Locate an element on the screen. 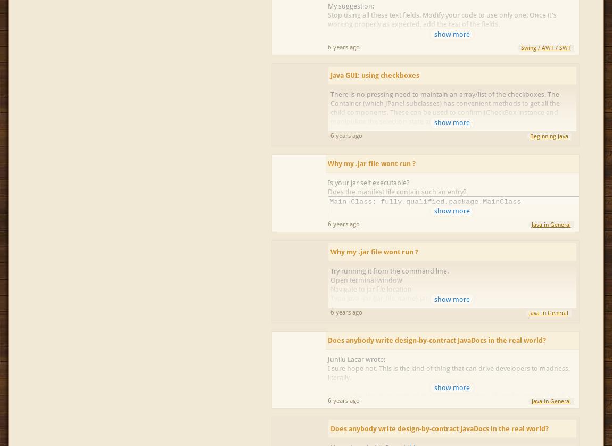  'Try running it from the command line.' is located at coordinates (388, 271).